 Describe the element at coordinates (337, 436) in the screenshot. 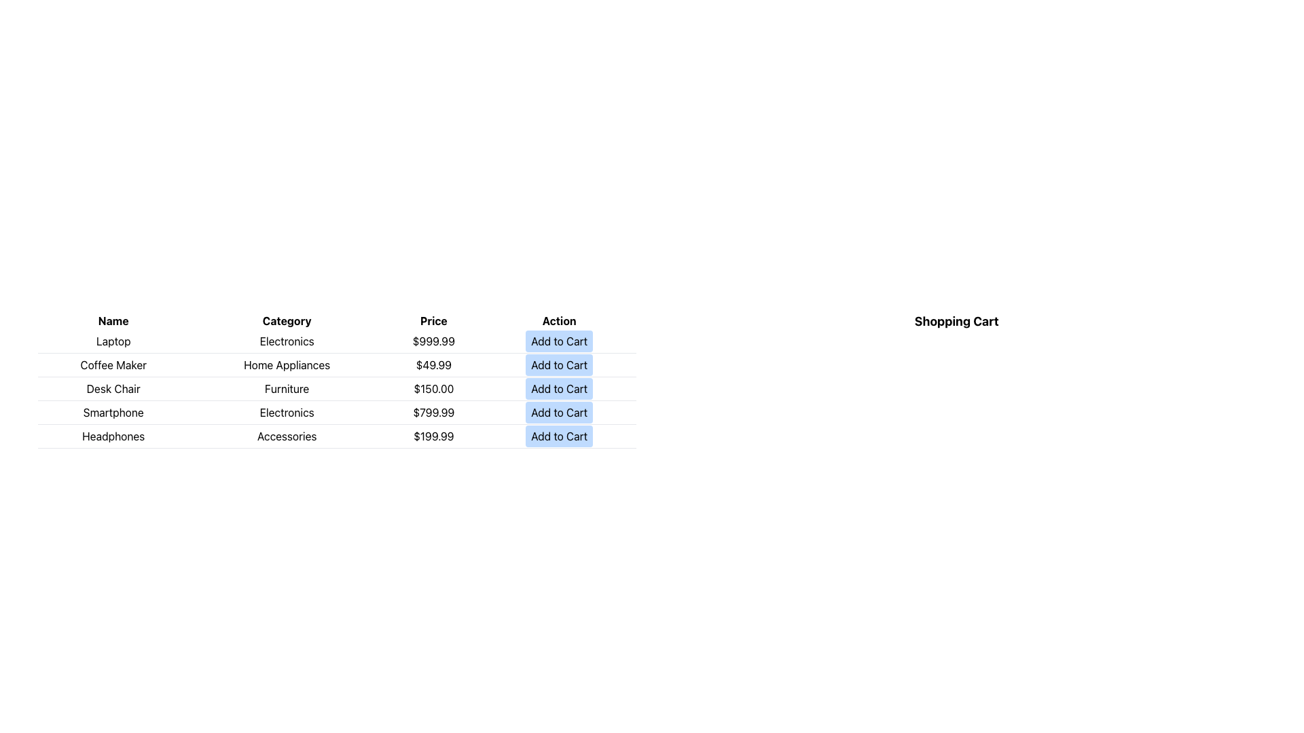

I see `the actionable button in the last row of the product summary table` at that location.